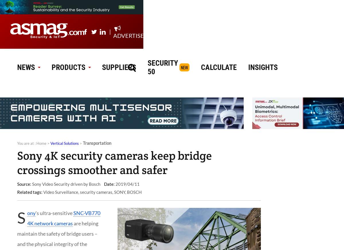 This screenshot has width=344, height=250. Describe the element at coordinates (218, 67) in the screenshot. I see `'CALCULATE'` at that location.